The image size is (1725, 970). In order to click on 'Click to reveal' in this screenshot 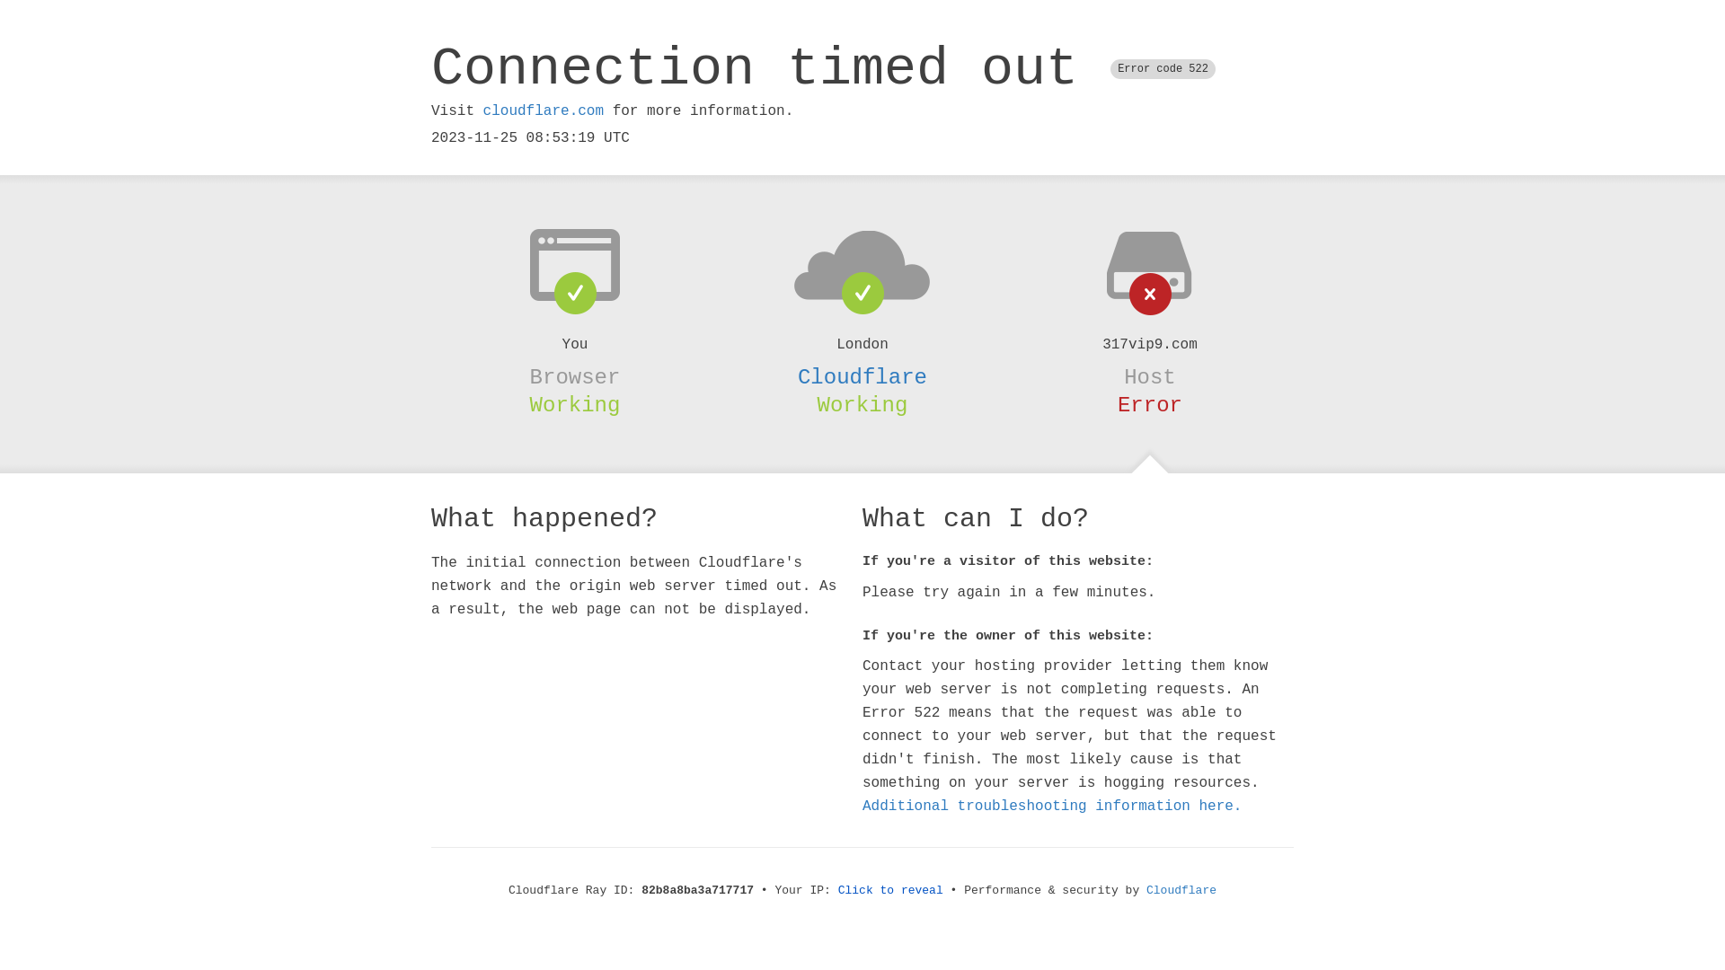, I will do `click(890, 890)`.